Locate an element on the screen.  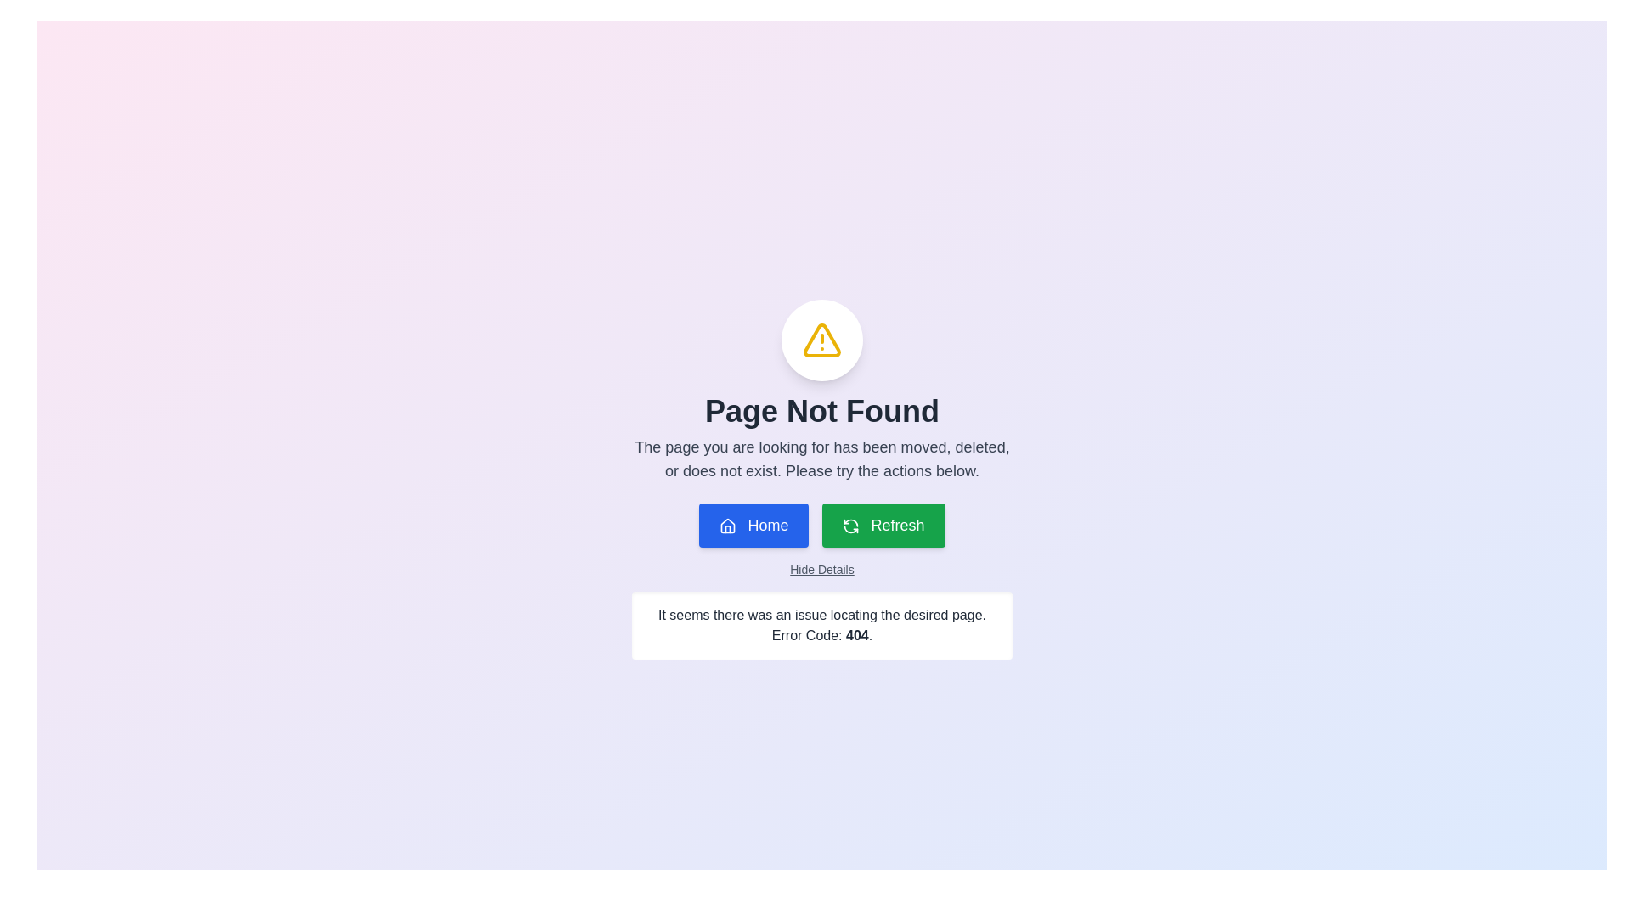
the house-shaped icon located inside the blue button labeled 'Home', positioned to the left of the text 'Home' is located at coordinates (728, 526).